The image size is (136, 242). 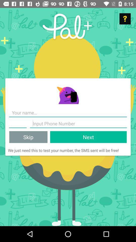 What do you see at coordinates (125, 19) in the screenshot?
I see `the item at the top right corner` at bounding box center [125, 19].